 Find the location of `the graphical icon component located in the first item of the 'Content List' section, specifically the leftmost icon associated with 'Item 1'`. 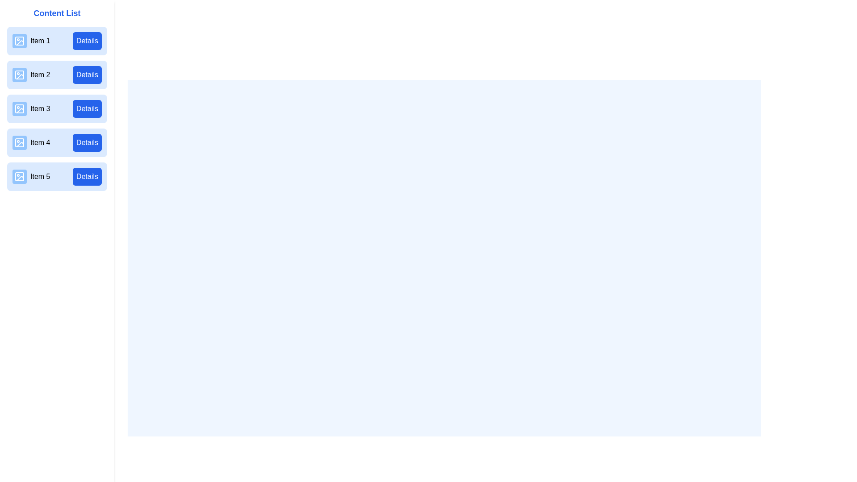

the graphical icon component located in the first item of the 'Content List' section, specifically the leftmost icon associated with 'Item 1' is located at coordinates (20, 43).